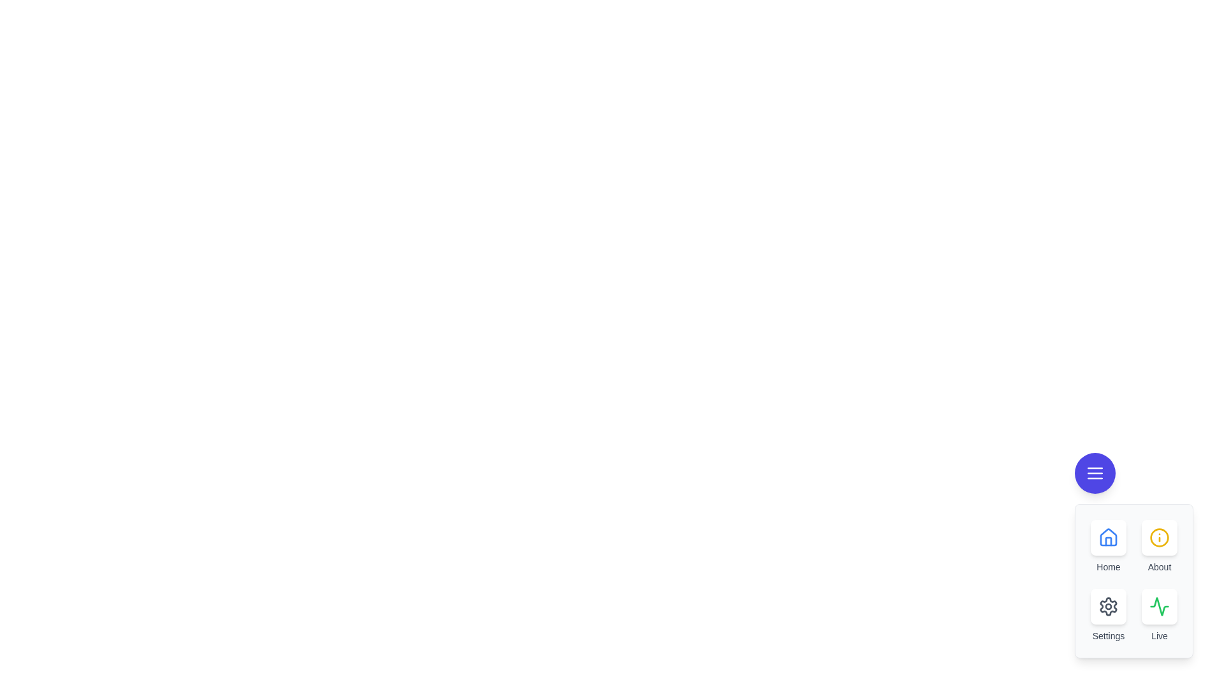  Describe the element at coordinates (1160, 538) in the screenshot. I see `the About button in the EnhancedSpeedDial component` at that location.